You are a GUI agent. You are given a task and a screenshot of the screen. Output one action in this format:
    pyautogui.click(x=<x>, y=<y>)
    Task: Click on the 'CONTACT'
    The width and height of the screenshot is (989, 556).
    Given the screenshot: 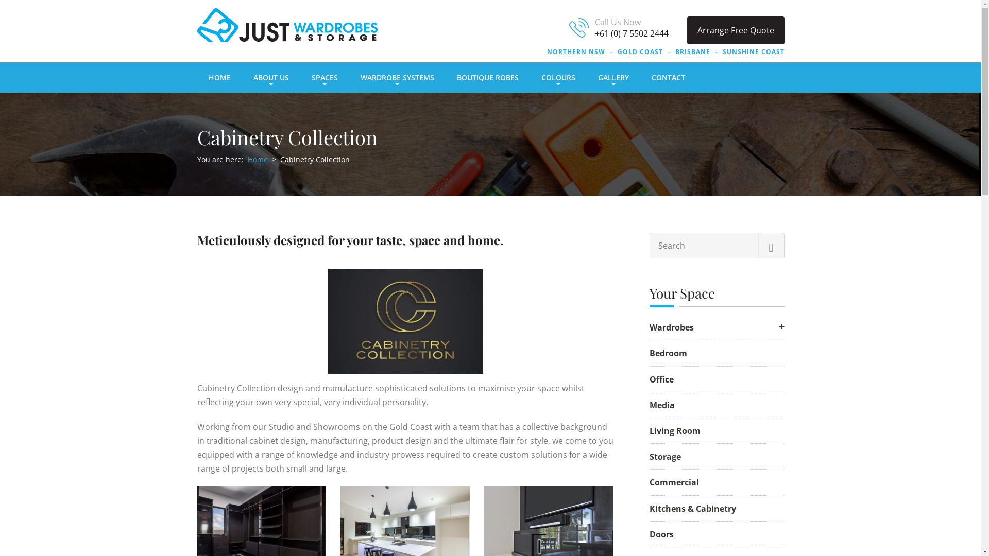 What is the action you would take?
    pyautogui.click(x=668, y=77)
    